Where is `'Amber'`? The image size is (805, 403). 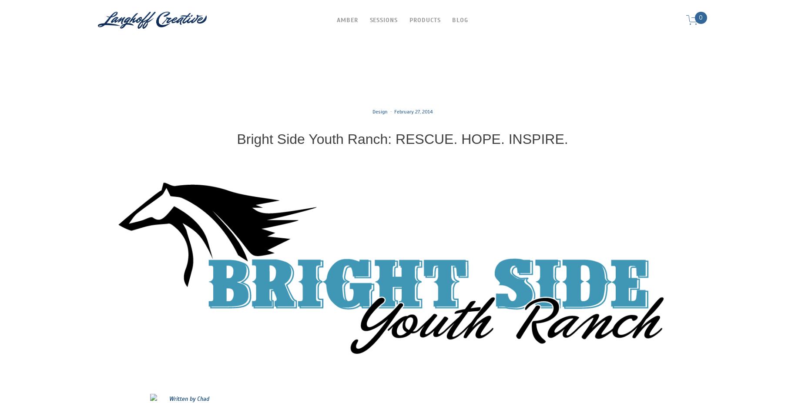
'Amber' is located at coordinates (337, 19).